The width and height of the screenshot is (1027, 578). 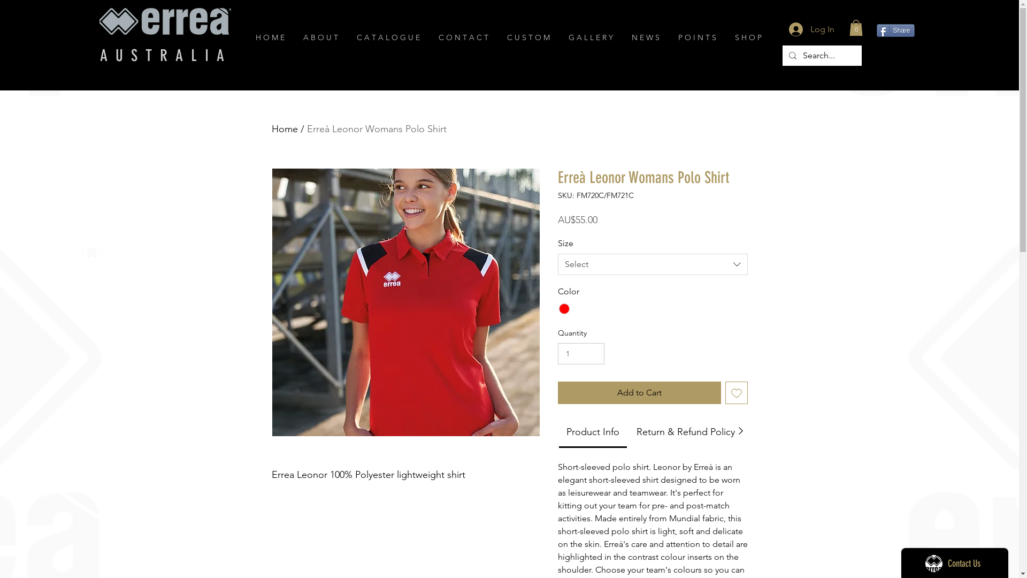 What do you see at coordinates (811, 28) in the screenshot?
I see `'Log In'` at bounding box center [811, 28].